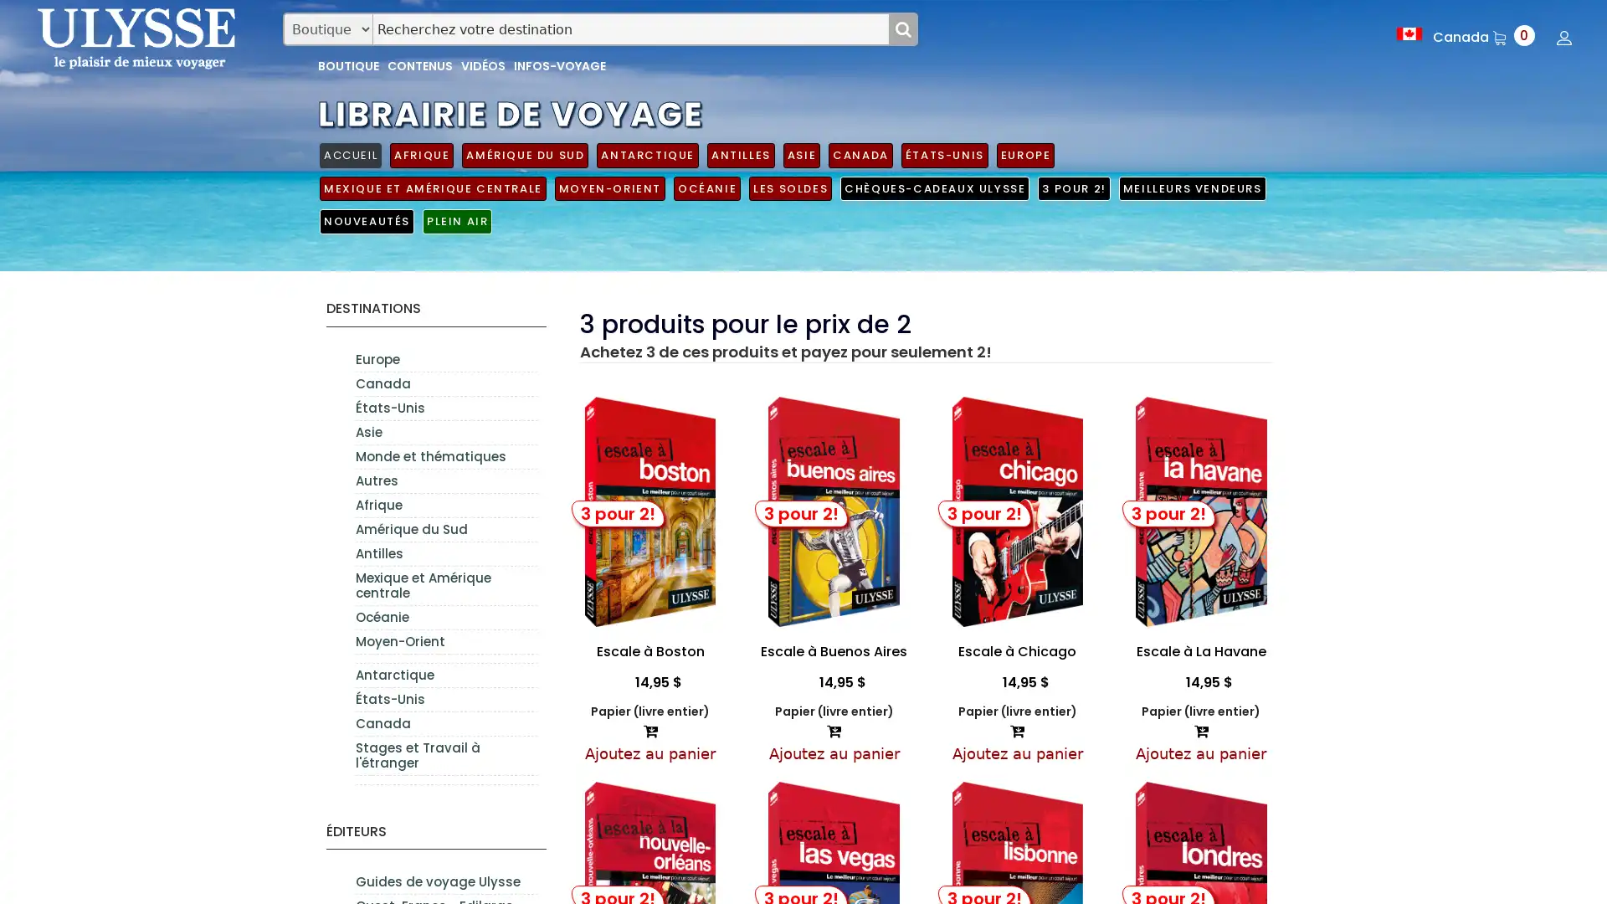 The height and width of the screenshot is (904, 1607). Describe the element at coordinates (1191, 187) in the screenshot. I see `MEILLEURS VENDEURS` at that location.